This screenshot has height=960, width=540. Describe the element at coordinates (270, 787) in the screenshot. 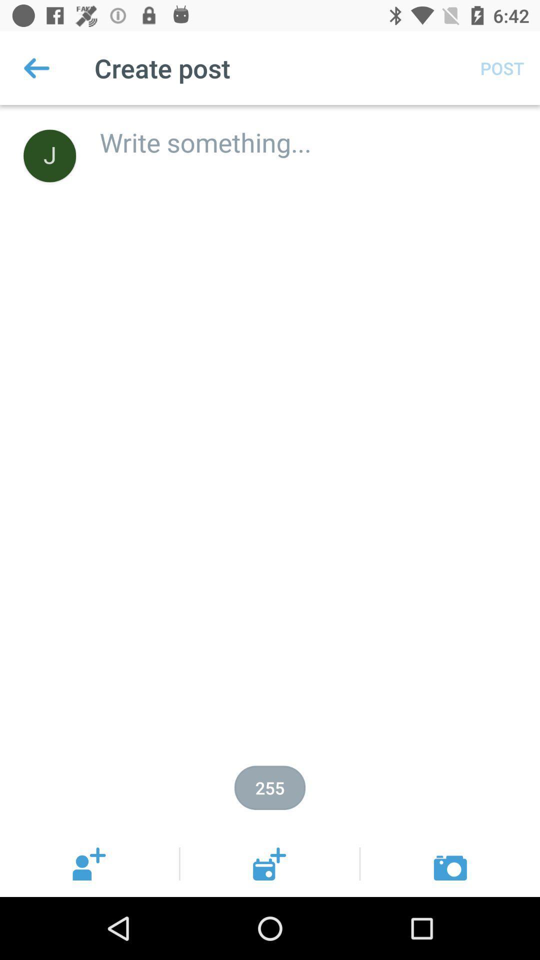

I see `255` at that location.